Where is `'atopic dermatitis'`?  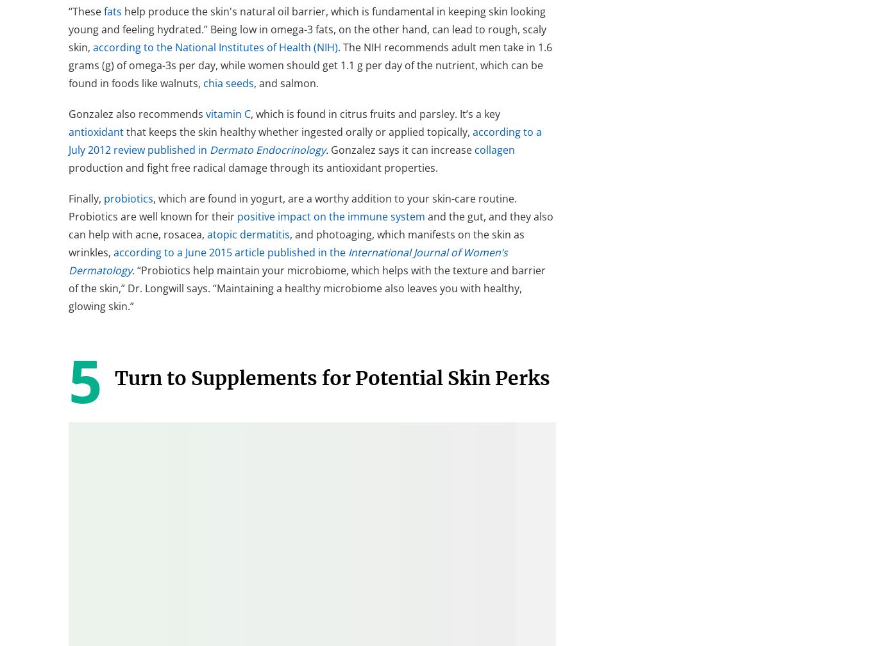
'atopic dermatitis' is located at coordinates (248, 233).